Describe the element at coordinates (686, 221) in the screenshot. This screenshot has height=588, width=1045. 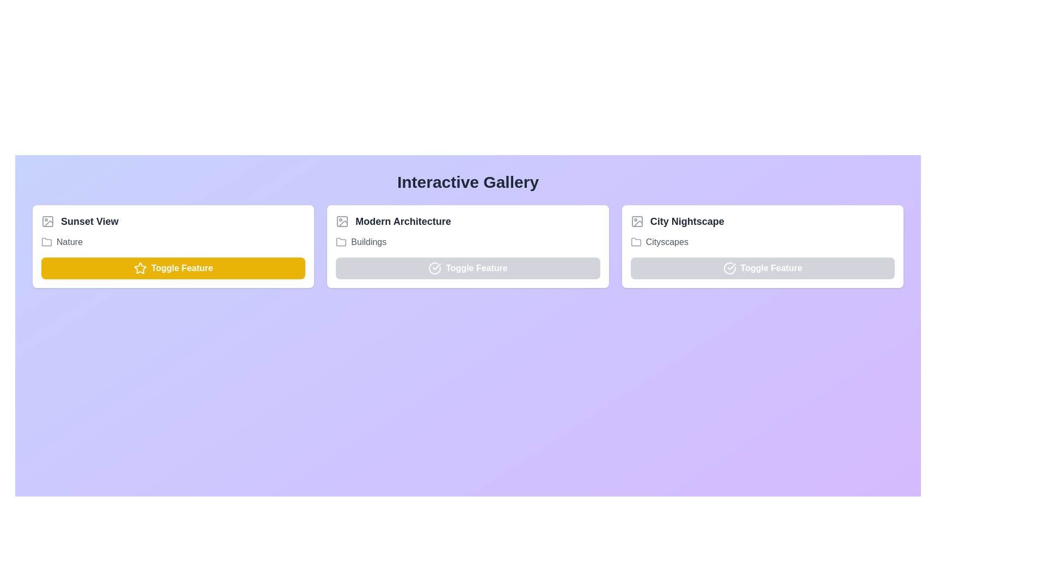
I see `the text label reading 'City Nightscape' styled in a large bold font` at that location.